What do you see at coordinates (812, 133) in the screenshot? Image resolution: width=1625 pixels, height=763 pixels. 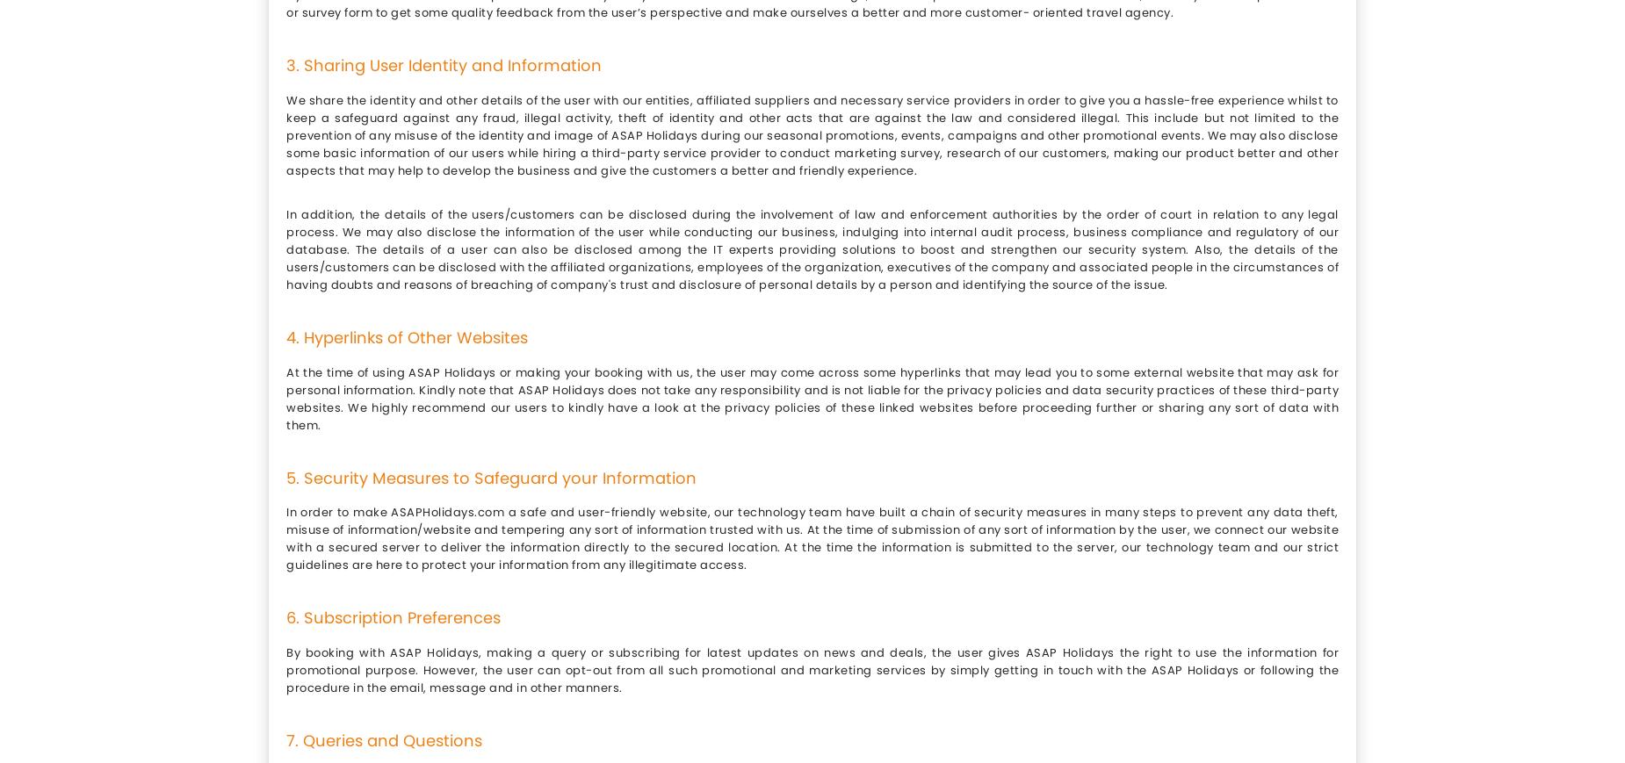 I see `'We share the identity and other details of the user with our entities, affiliated suppliers and necessary service providers in order to give you a hassle-free experience whilst to keep a safeguard against any fraud, illegal activity, theft of identity and other acts that are against the law and considered illegal. This include but not limited to the prevention of any misuse of the identity and image of ASAP Holidays during our seasonal promotions, events, campaigns and other promotional events. We may also disclose some basic information of our users while hiring a third-party service provider to conduct marketing survey, research of our customers, making our product better and other aspects that may help to develop the business and give the customers a better and friendly experience.'` at bounding box center [812, 133].